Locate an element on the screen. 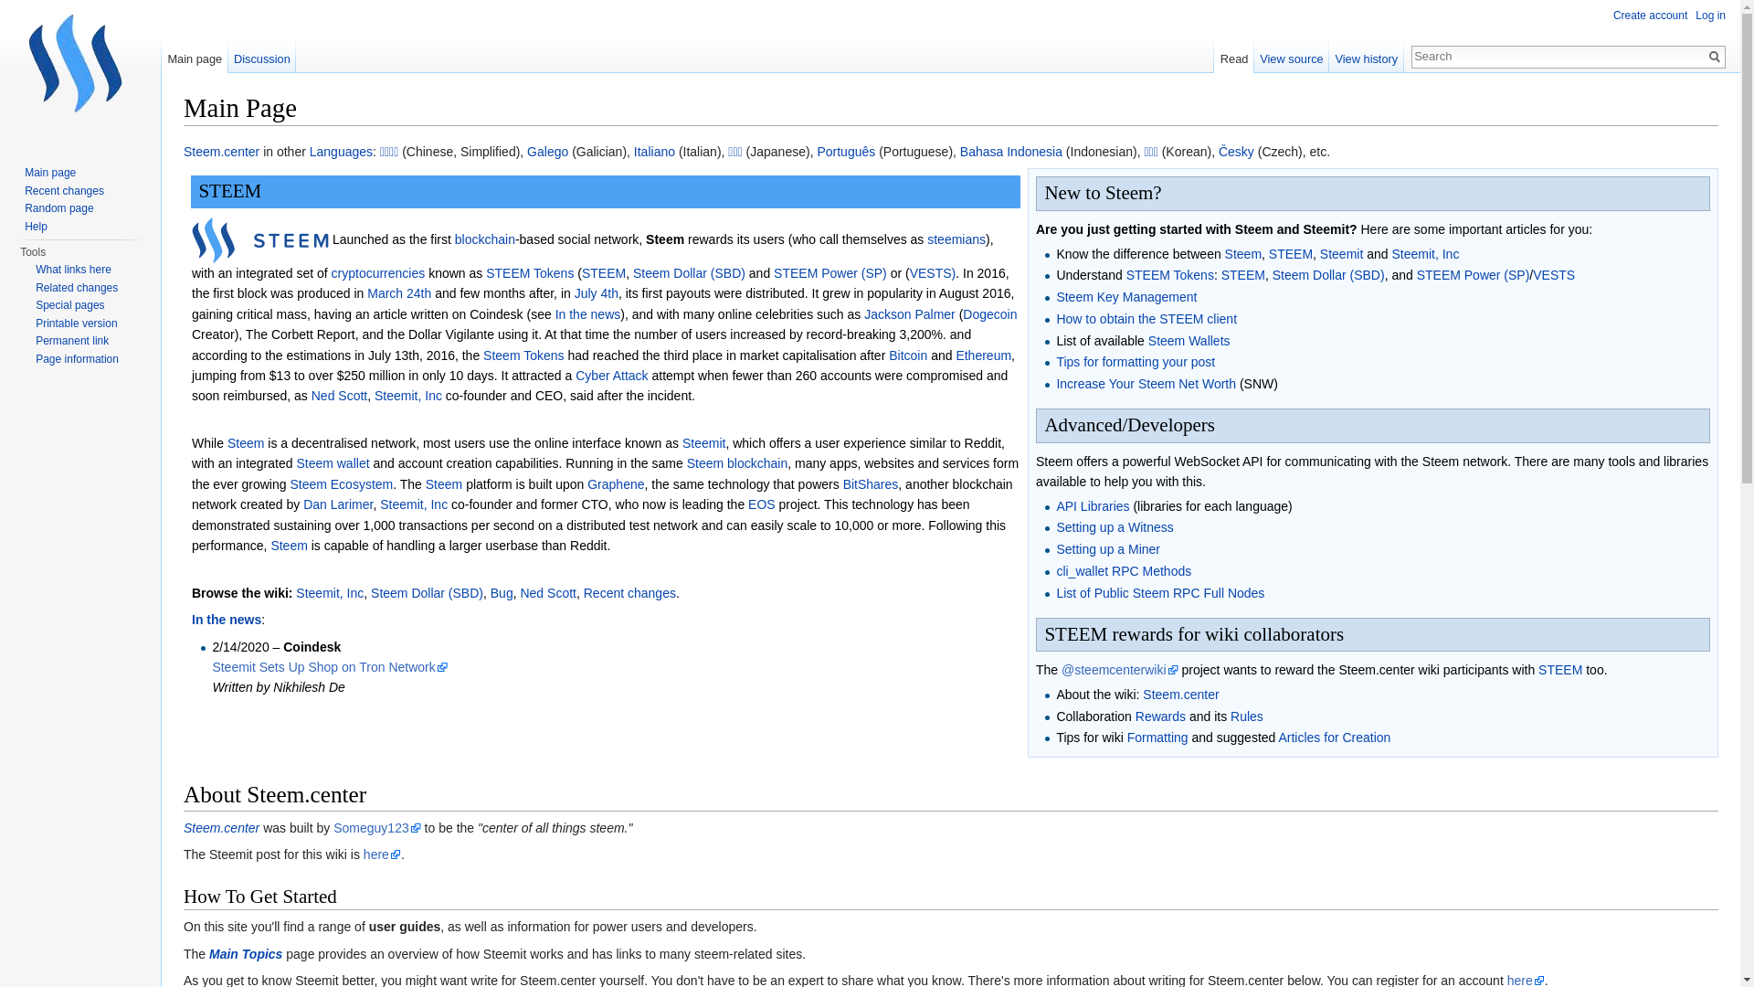 The height and width of the screenshot is (987, 1754). 'cli_wallet RPC Methods' is located at coordinates (1122, 569).